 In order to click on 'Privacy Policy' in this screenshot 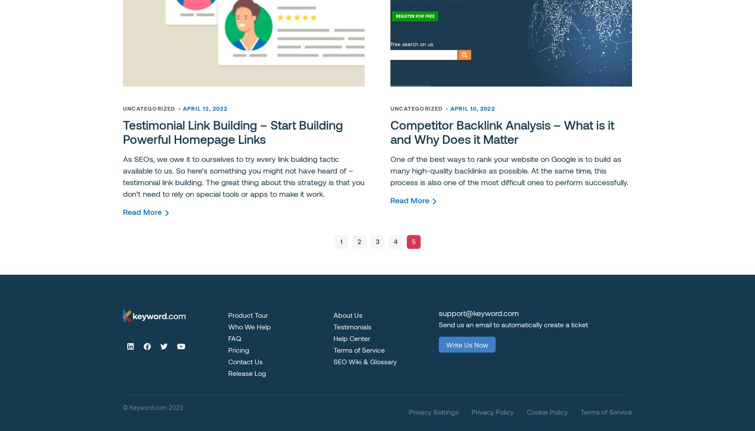, I will do `click(492, 411)`.